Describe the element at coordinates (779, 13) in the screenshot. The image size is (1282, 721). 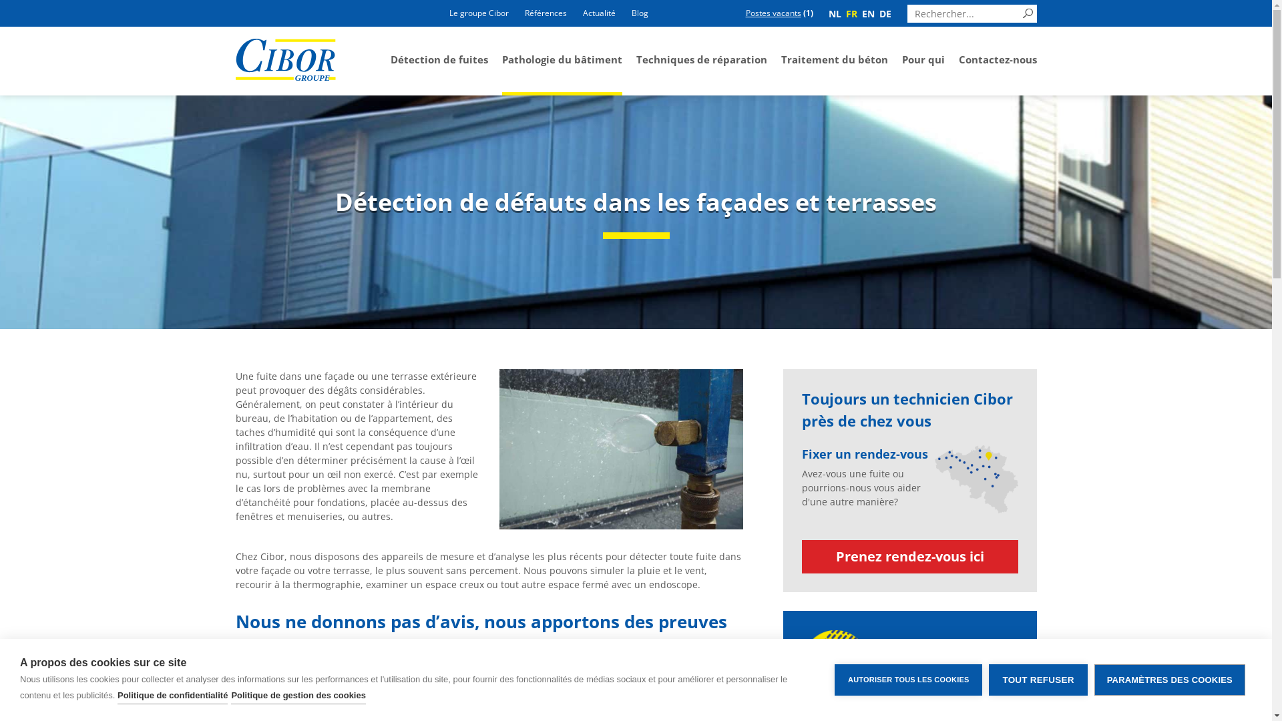
I see `'Postes vacants (1)'` at that location.